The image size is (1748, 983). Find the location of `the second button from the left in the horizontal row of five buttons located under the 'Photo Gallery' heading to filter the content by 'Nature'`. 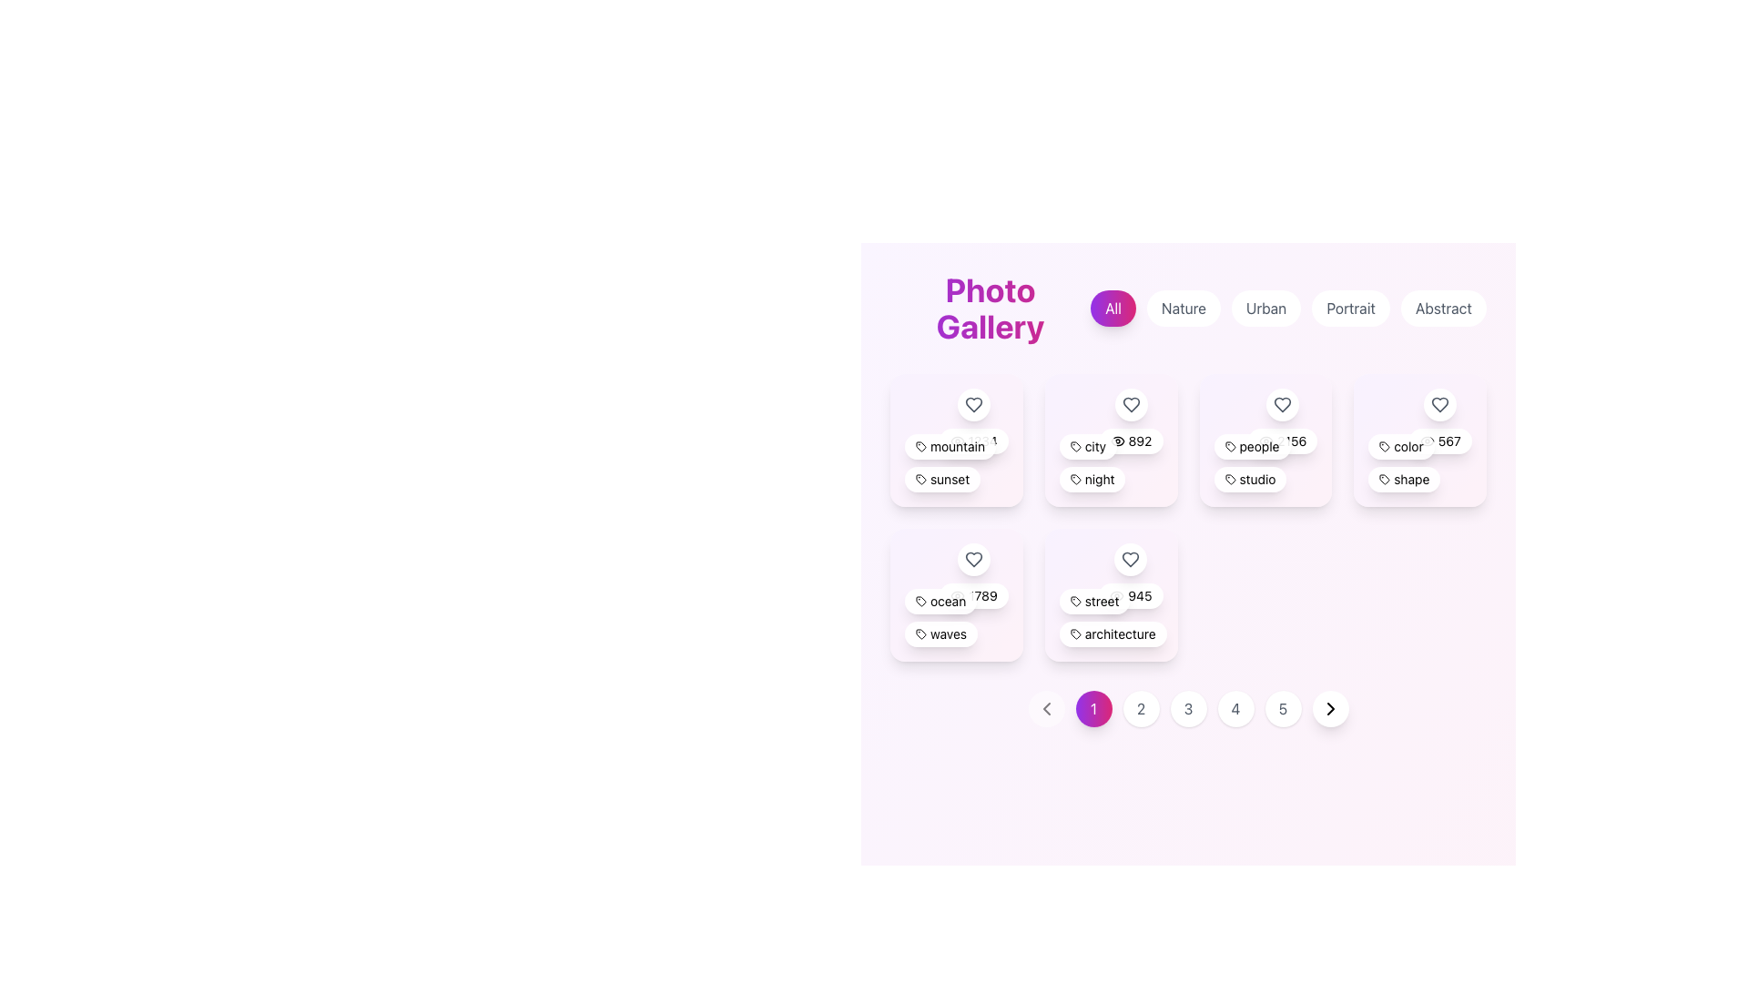

the second button from the left in the horizontal row of five buttons located under the 'Photo Gallery' heading to filter the content by 'Nature' is located at coordinates (1184, 308).